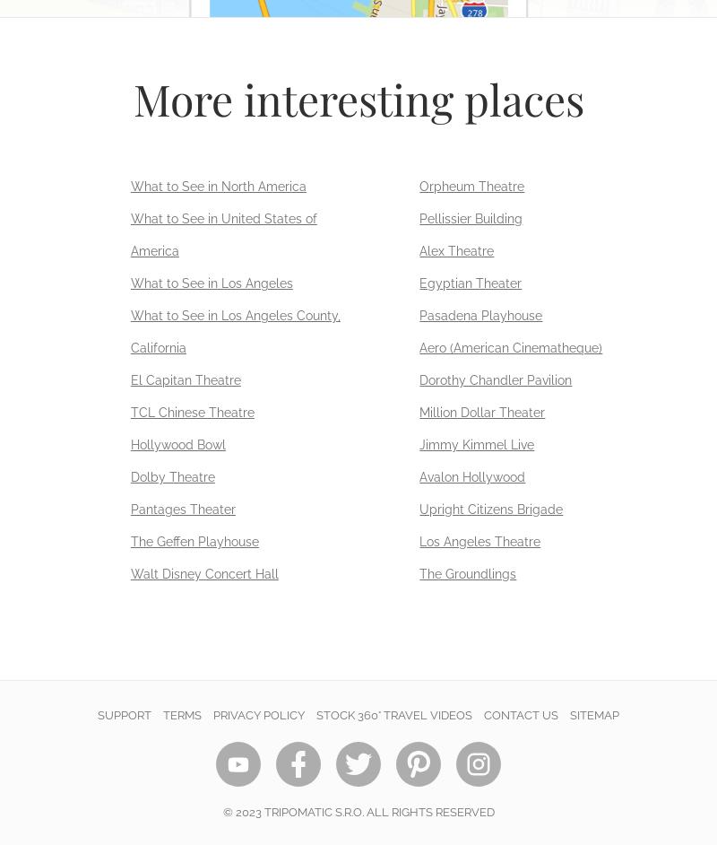 This screenshot has height=845, width=717. What do you see at coordinates (182, 510) in the screenshot?
I see `'Pantages Theater'` at bounding box center [182, 510].